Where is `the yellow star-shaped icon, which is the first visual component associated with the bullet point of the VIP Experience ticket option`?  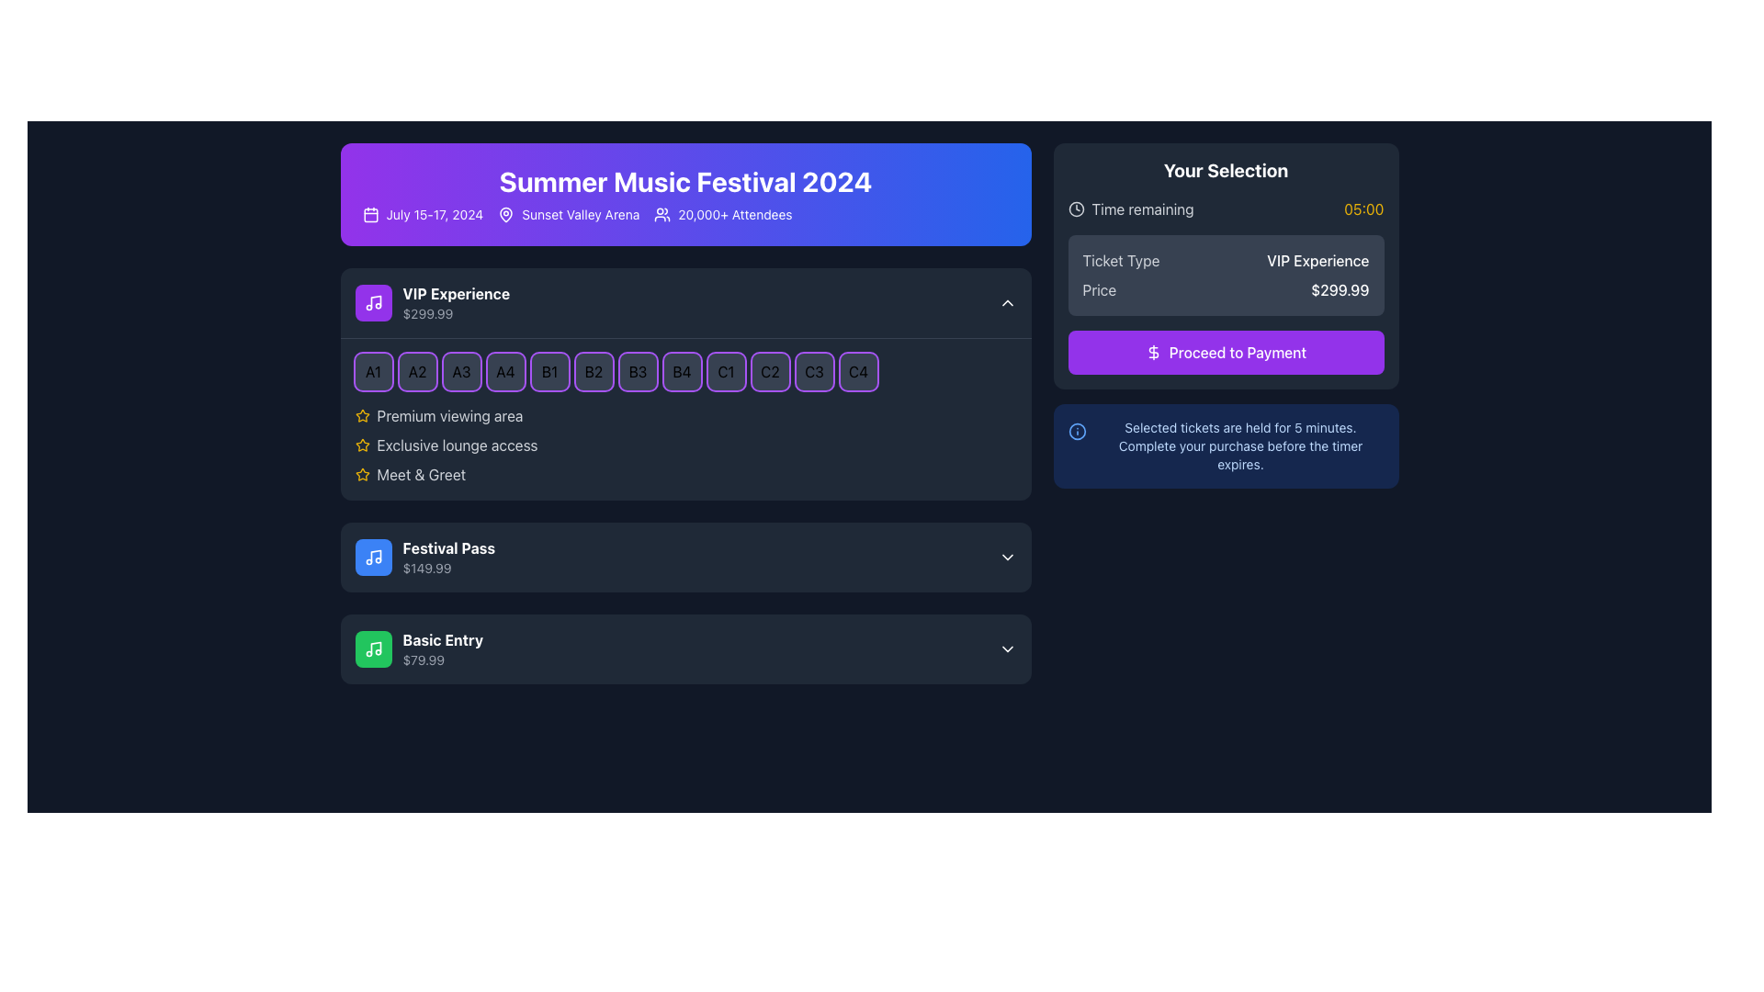 the yellow star-shaped icon, which is the first visual component associated with the bullet point of the VIP Experience ticket option is located at coordinates (362, 473).